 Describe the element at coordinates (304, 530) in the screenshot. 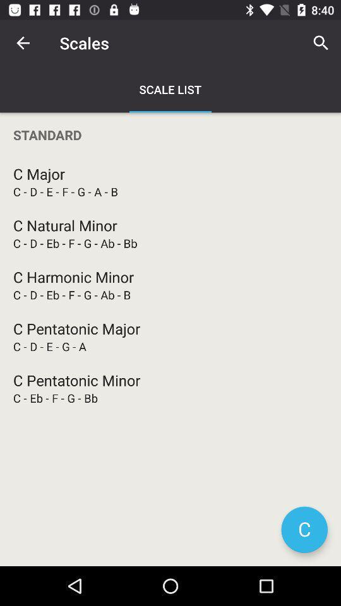

I see `icon below c eb f item` at that location.